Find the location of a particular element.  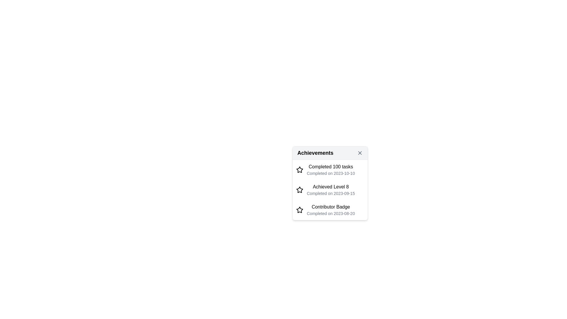

information displayed for the achievement titled 'Achieved Level 8' in the Achievements panel is located at coordinates (330, 190).